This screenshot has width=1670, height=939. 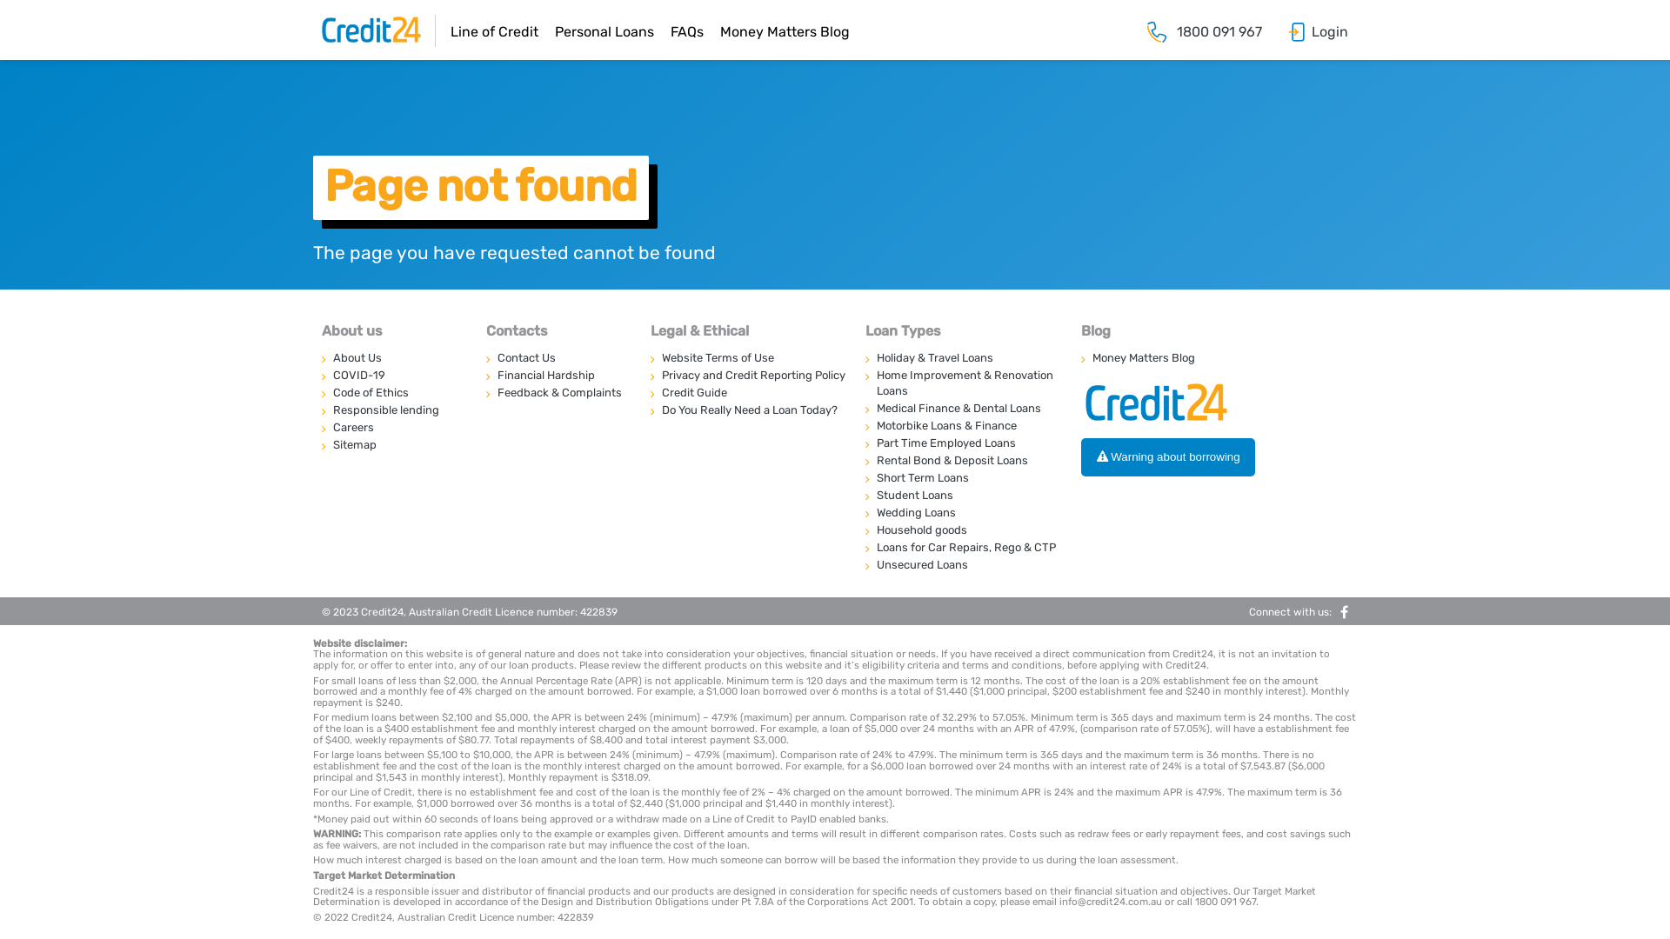 What do you see at coordinates (962, 496) in the screenshot?
I see `'Student Loans'` at bounding box center [962, 496].